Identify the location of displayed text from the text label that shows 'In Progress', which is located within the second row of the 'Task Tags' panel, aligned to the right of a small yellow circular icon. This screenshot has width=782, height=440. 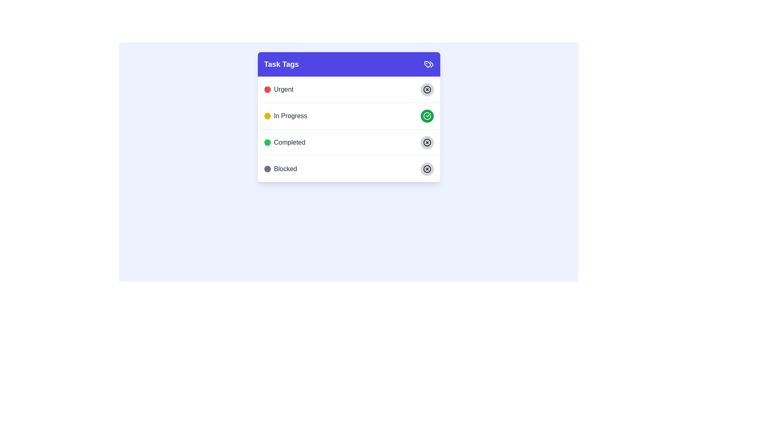
(290, 116).